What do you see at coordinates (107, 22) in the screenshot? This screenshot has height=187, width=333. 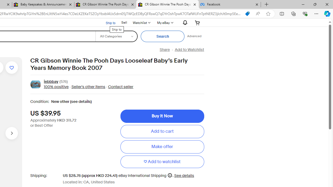 I see `'AutomationID: gh-shipto-click'` at bounding box center [107, 22].